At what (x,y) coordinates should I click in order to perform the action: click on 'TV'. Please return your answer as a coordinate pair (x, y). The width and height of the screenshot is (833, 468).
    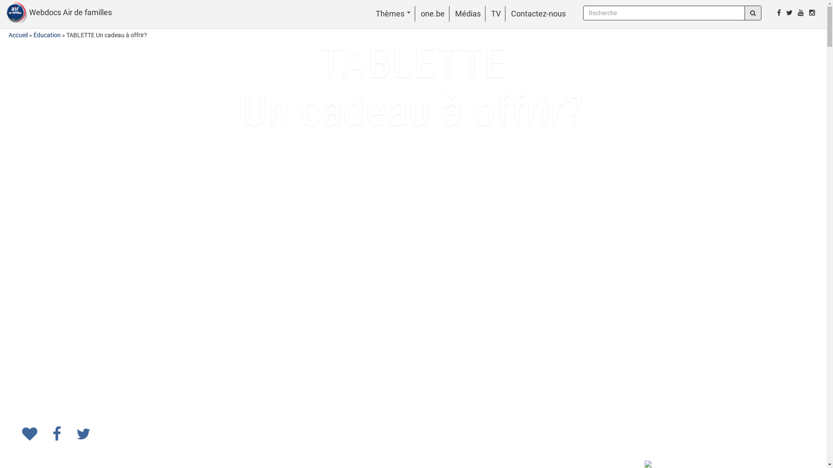
    Looking at the image, I should click on (495, 13).